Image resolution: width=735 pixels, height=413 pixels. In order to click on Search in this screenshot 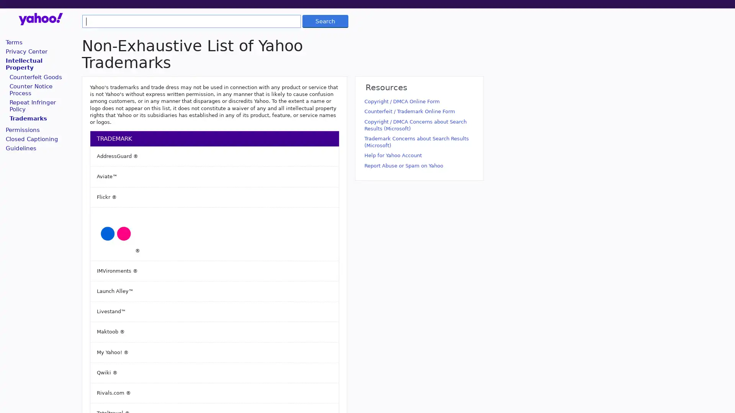, I will do `click(325, 20)`.